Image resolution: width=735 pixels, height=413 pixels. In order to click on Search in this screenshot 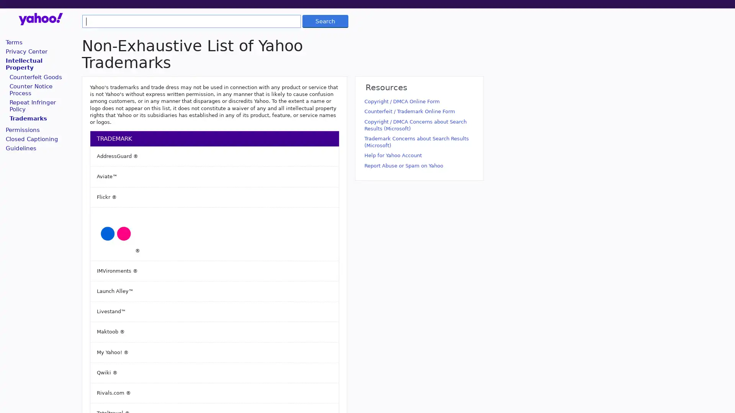, I will do `click(325, 20)`.